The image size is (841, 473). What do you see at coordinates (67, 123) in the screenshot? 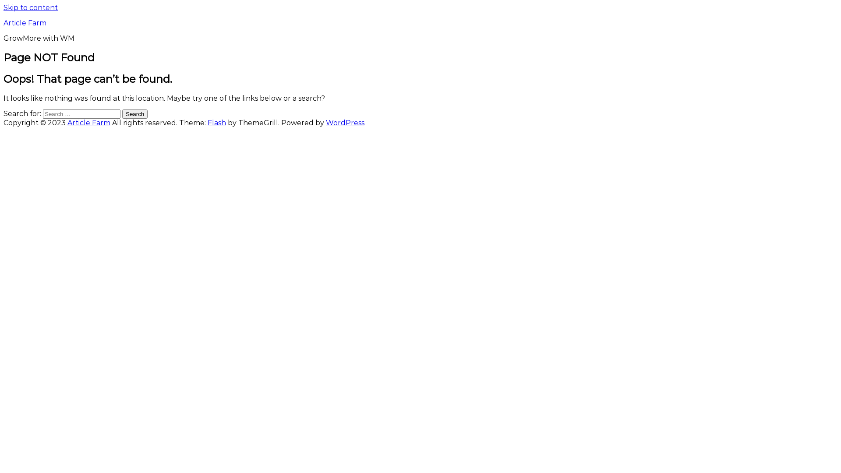
I see `'Article Farm'` at bounding box center [67, 123].